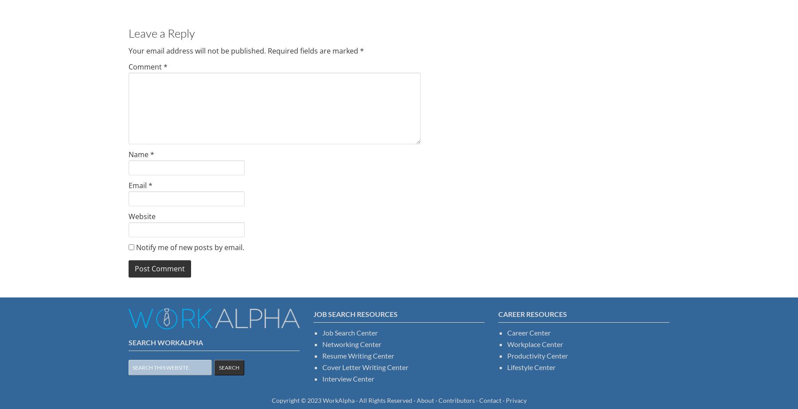 The width and height of the screenshot is (798, 409). Describe the element at coordinates (490, 400) in the screenshot. I see `'Contact'` at that location.